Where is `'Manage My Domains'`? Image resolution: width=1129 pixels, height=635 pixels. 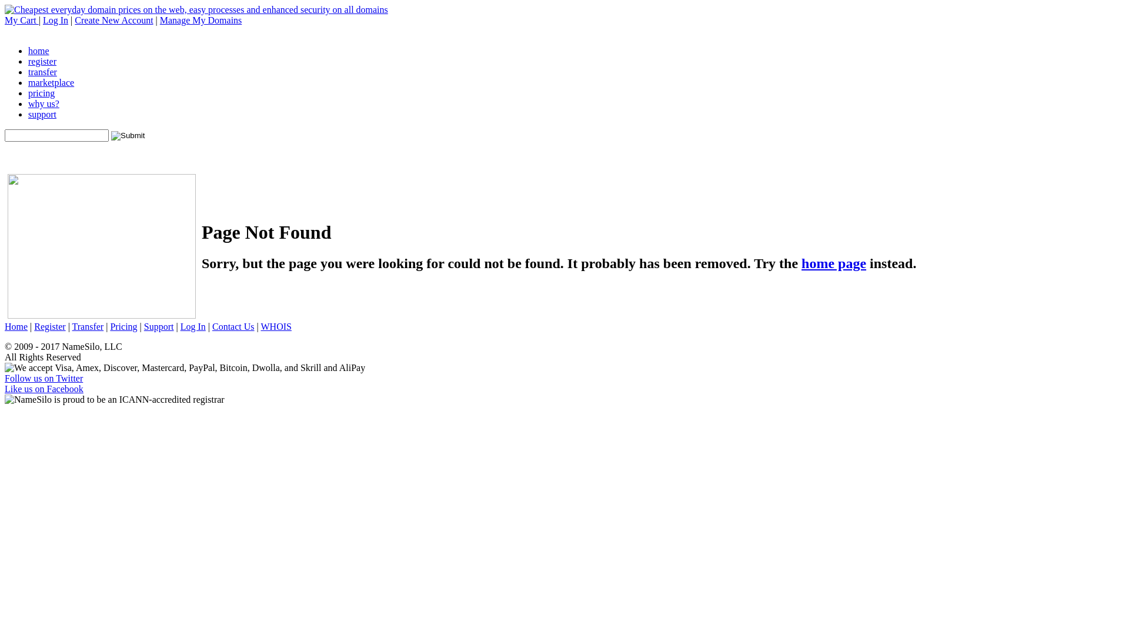 'Manage My Domains' is located at coordinates (159, 20).